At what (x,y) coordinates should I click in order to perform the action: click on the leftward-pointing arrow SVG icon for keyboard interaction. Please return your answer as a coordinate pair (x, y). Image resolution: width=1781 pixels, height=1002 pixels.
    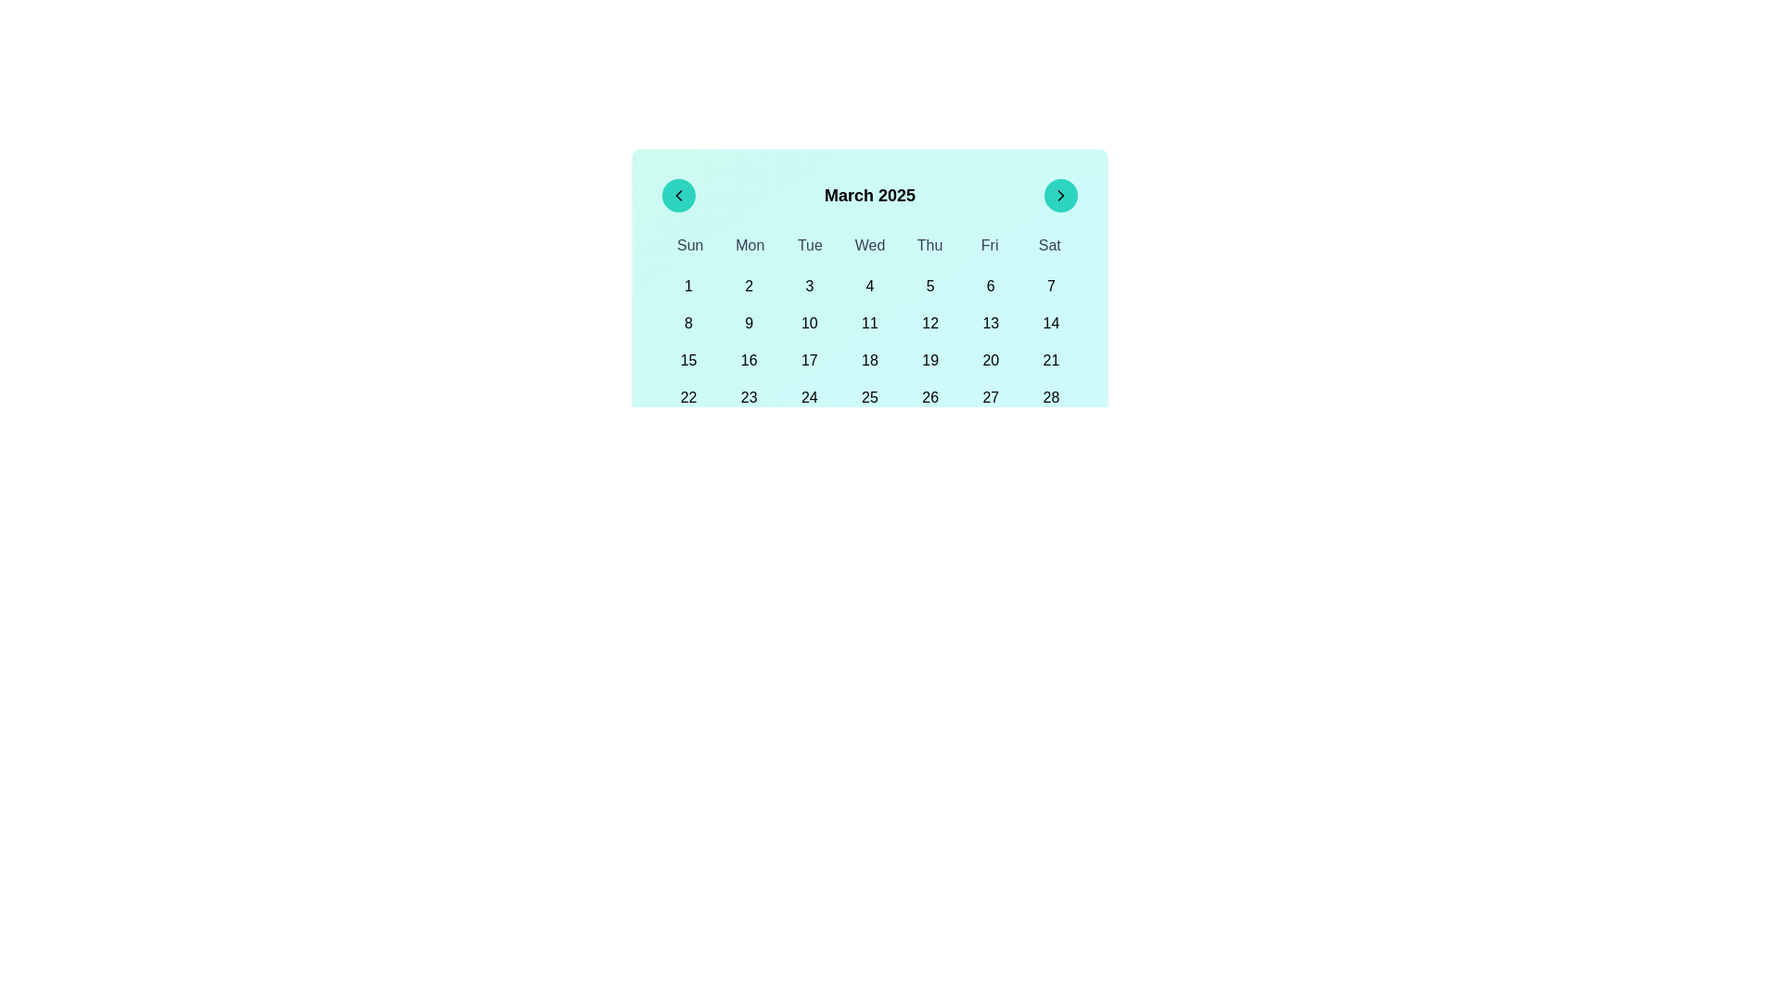
    Looking at the image, I should click on (677, 196).